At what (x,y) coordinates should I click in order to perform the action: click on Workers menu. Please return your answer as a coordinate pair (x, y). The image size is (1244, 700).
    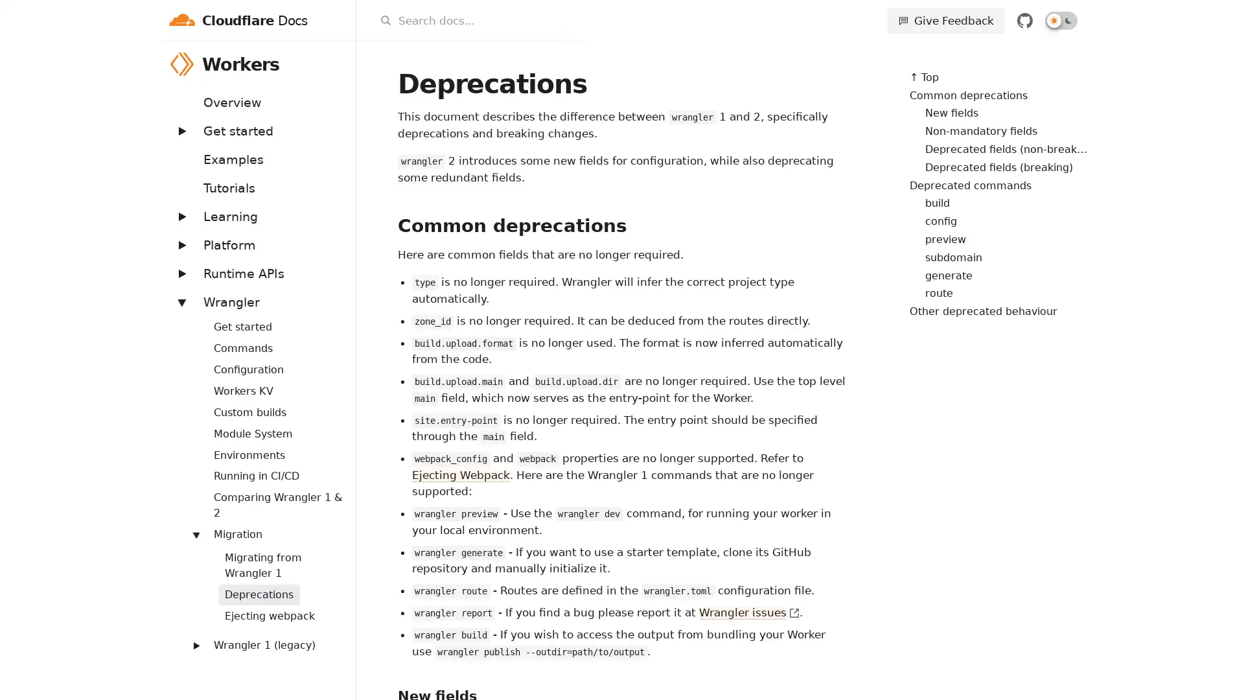
    Looking at the image, I should click on (338, 64).